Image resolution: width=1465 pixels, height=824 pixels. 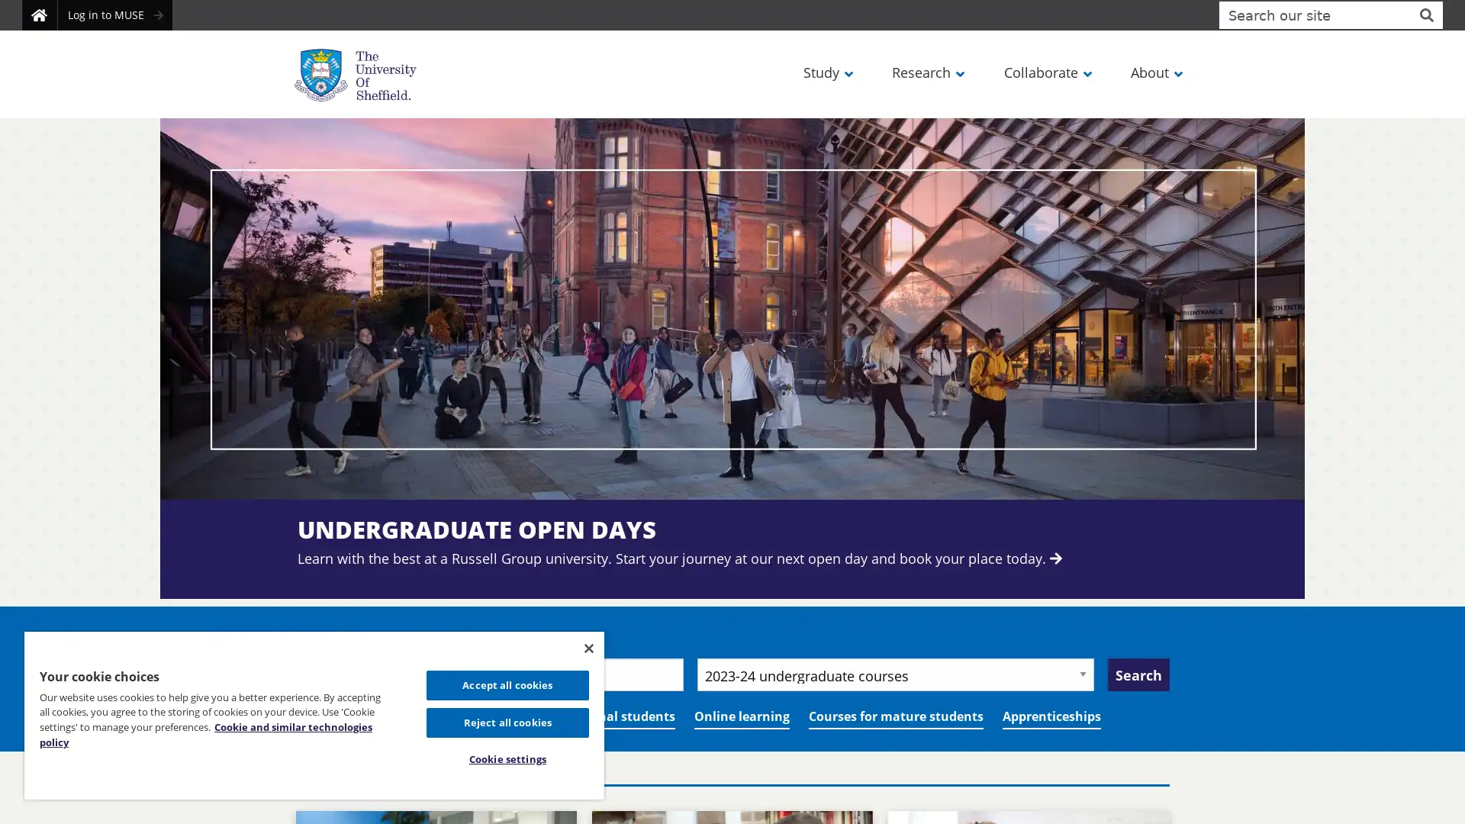 What do you see at coordinates (507, 759) in the screenshot?
I see `Cookie settings` at bounding box center [507, 759].